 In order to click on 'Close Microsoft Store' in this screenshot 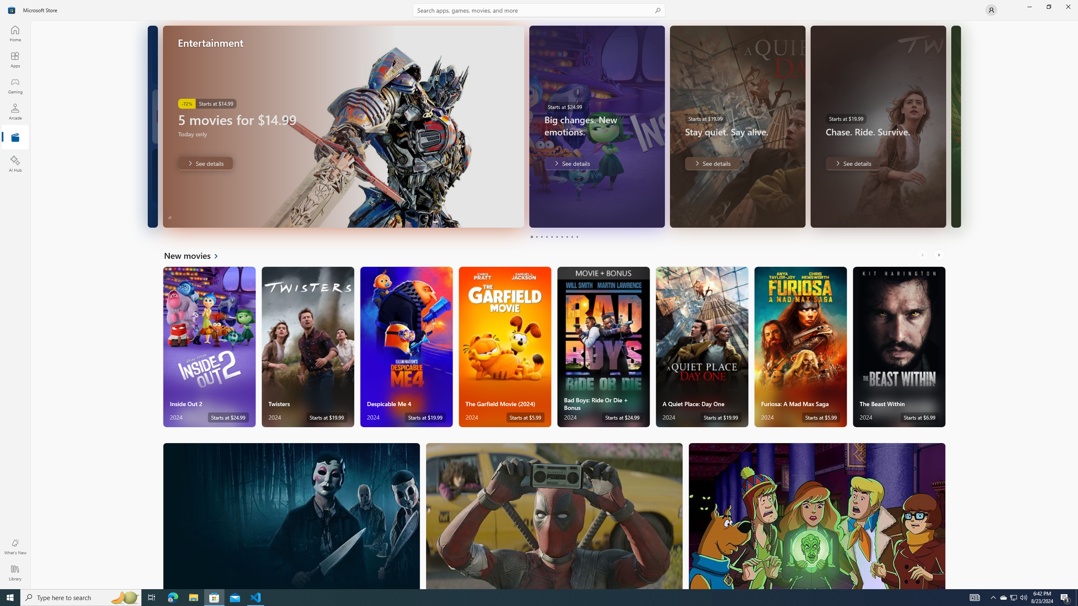, I will do `click(1067, 6)`.